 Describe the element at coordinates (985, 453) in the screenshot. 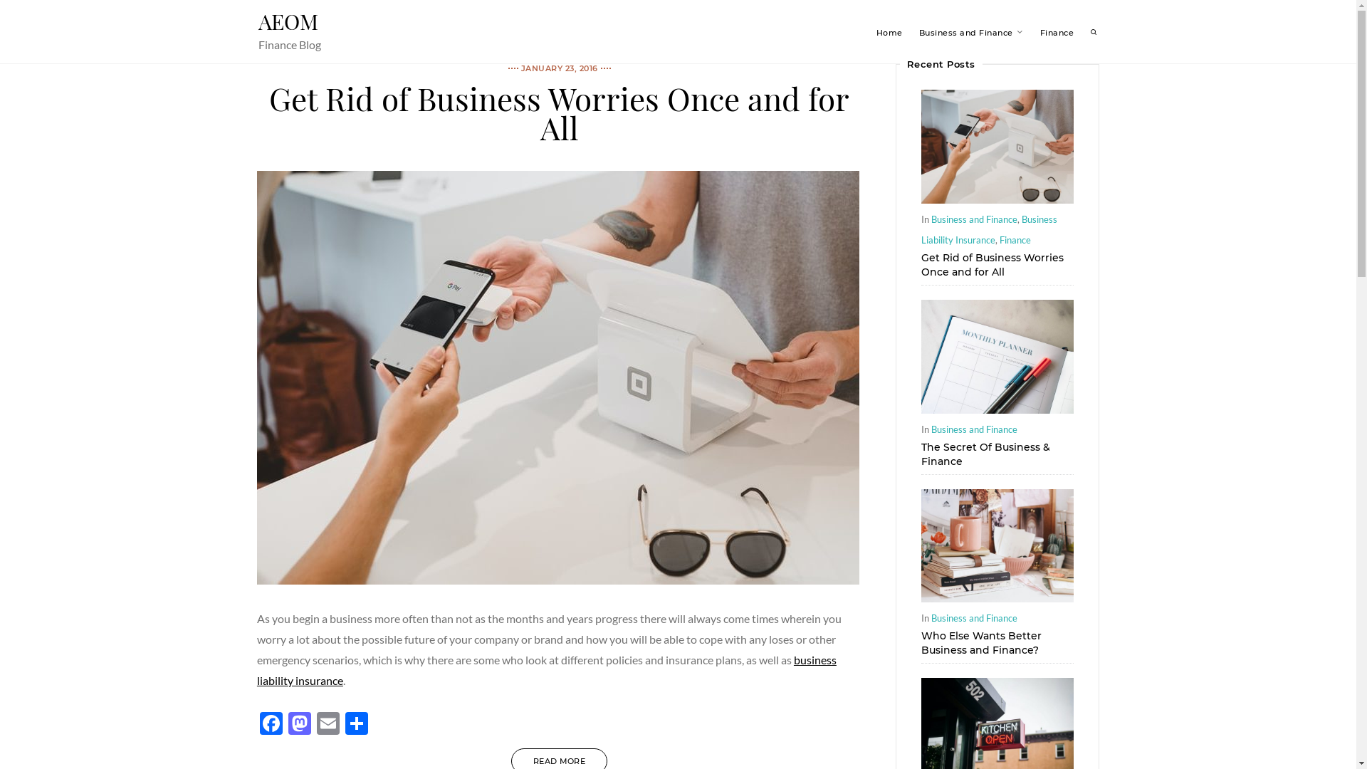

I see `'The Secret Of Business & Finance'` at that location.